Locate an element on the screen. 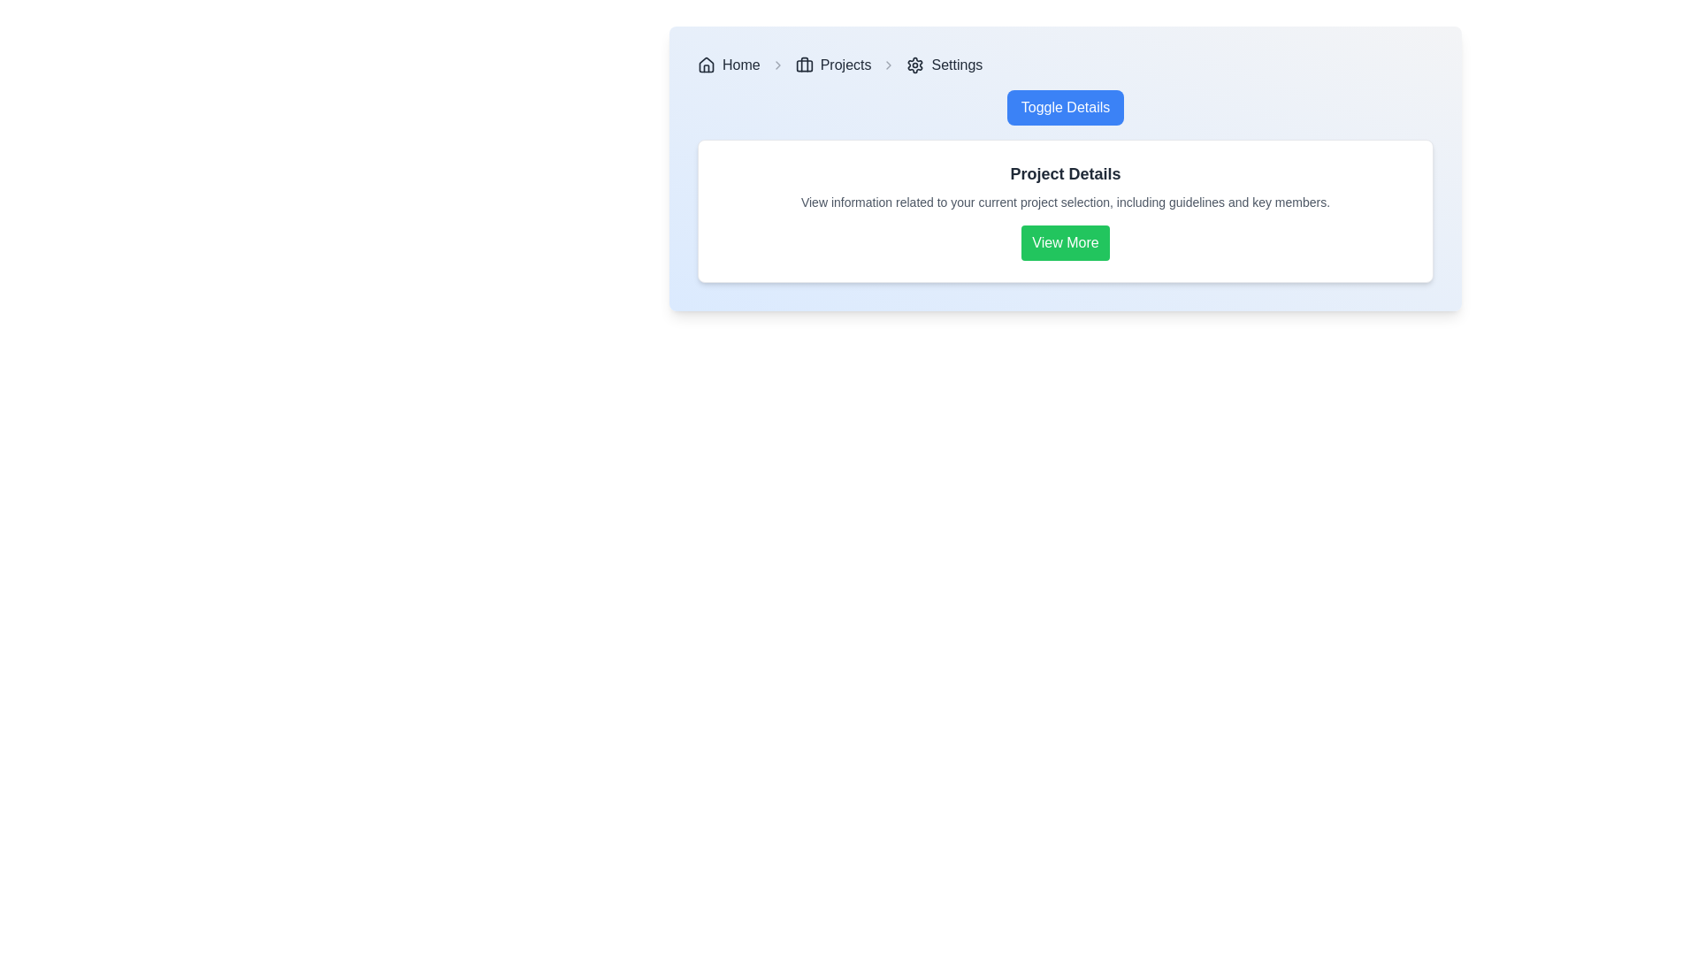 This screenshot has width=1698, height=955. the section containing the title 'Project Details' and the button labeled 'View More', which is located below the 'Toggle Details' button is located at coordinates (1064, 187).